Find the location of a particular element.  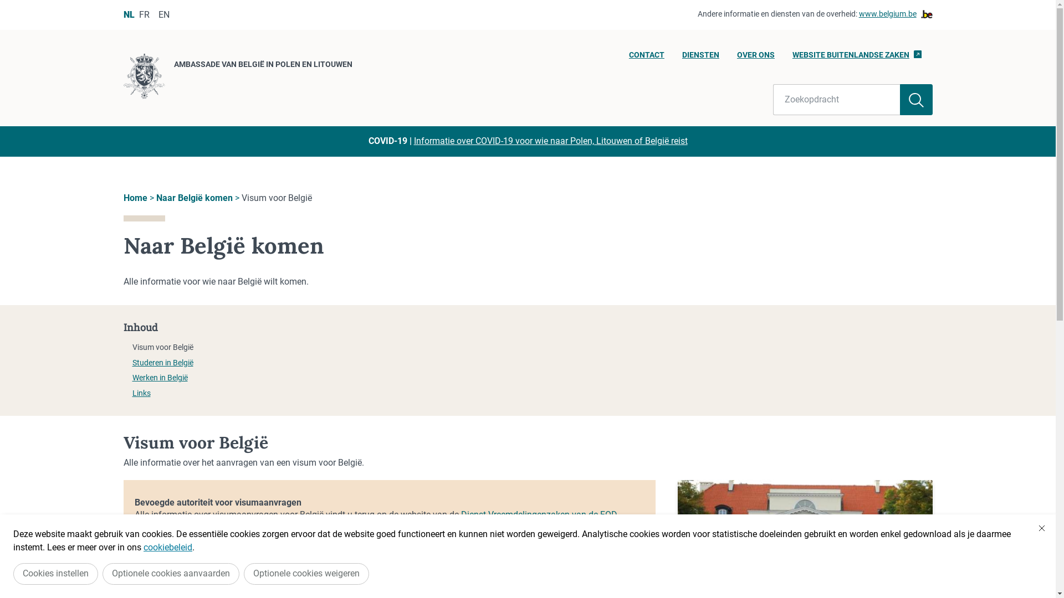

'www.belgium.be' is located at coordinates (896, 14).